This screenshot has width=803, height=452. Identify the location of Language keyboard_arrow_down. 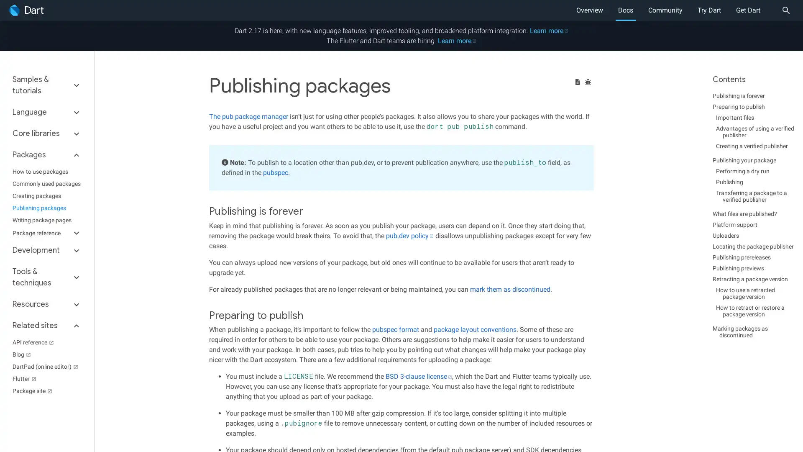
(46, 112).